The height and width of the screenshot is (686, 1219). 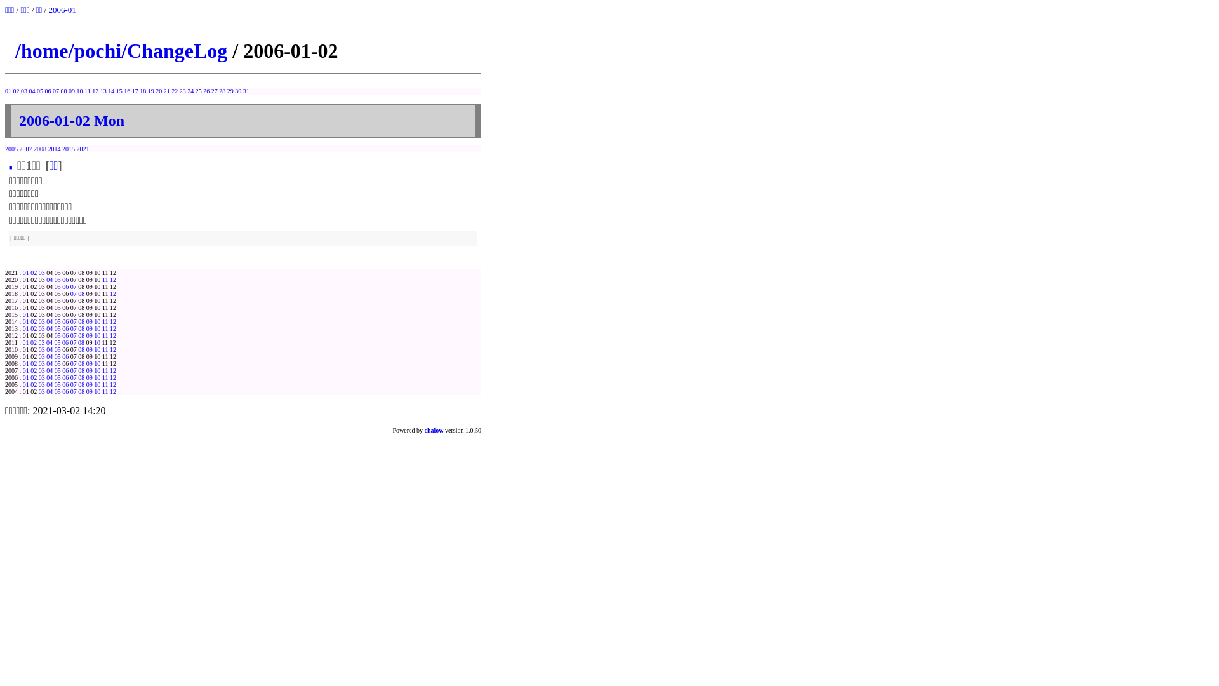 What do you see at coordinates (33, 321) in the screenshot?
I see `'02'` at bounding box center [33, 321].